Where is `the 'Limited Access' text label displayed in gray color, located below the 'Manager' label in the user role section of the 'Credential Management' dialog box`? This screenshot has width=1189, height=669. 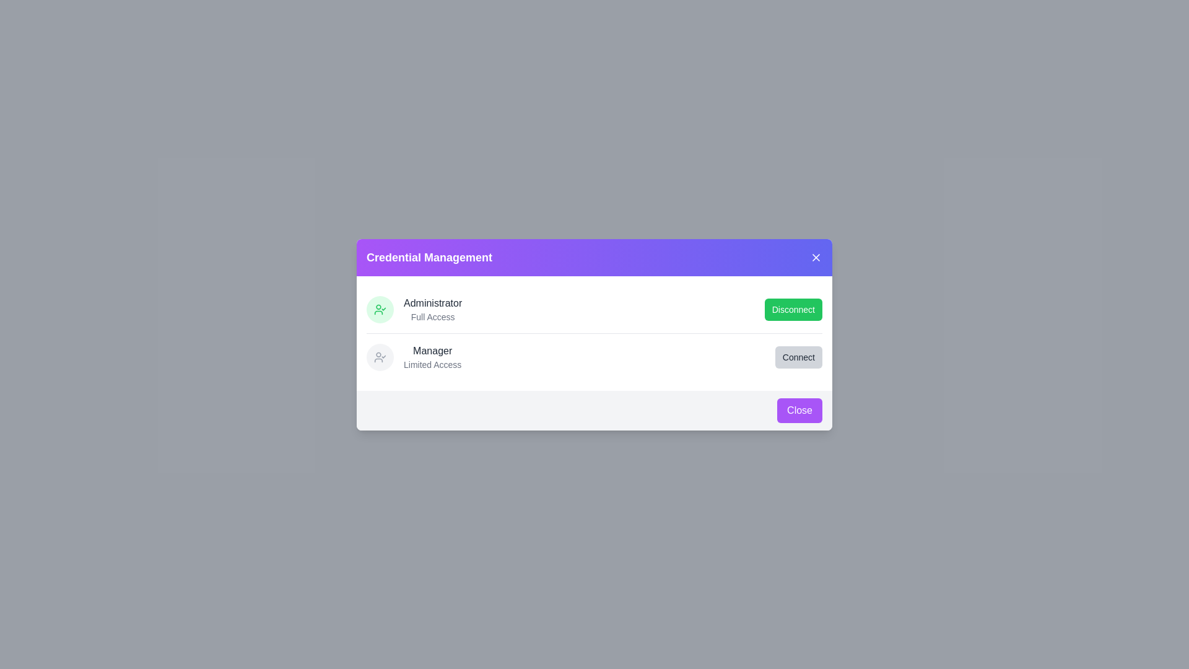 the 'Limited Access' text label displayed in gray color, located below the 'Manager' label in the user role section of the 'Credential Management' dialog box is located at coordinates (432, 364).